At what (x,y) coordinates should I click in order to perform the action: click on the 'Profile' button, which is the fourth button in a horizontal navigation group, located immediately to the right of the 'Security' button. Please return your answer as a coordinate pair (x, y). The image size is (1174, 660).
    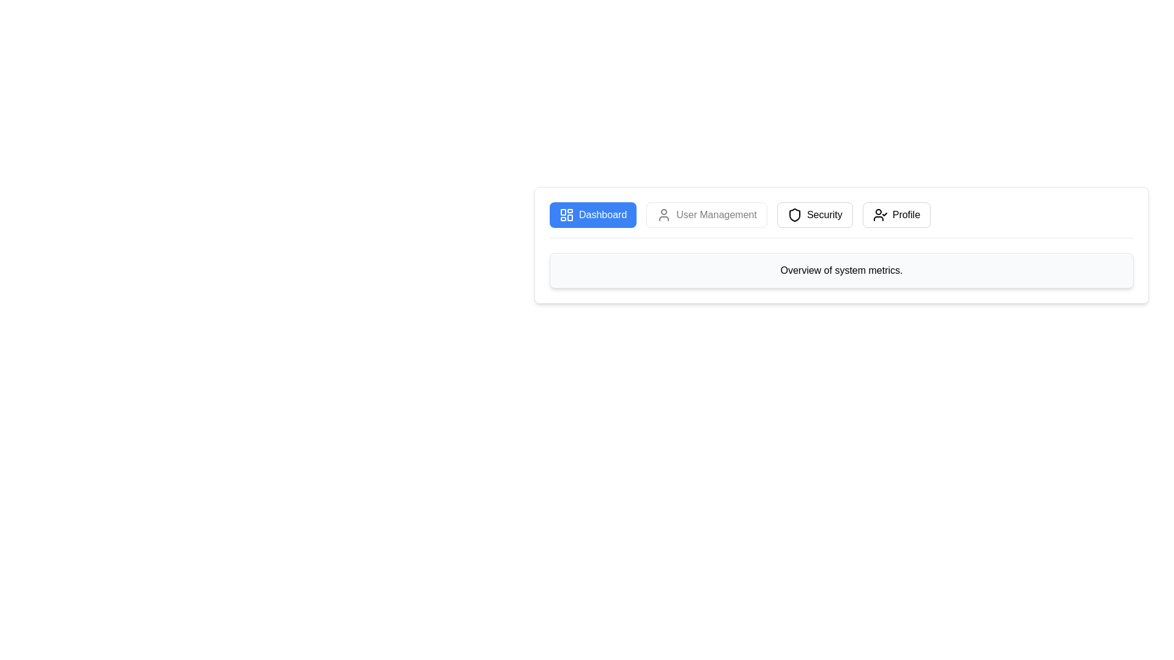
    Looking at the image, I should click on (896, 214).